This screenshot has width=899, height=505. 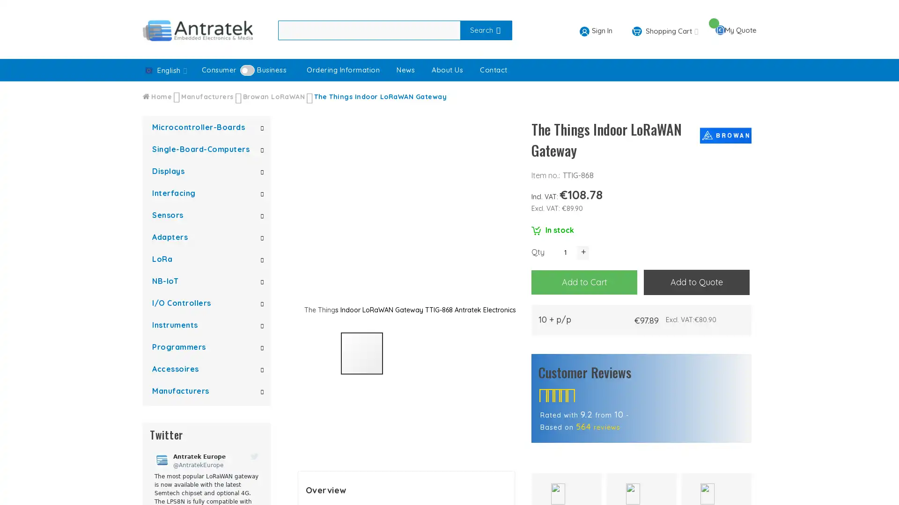 What do you see at coordinates (485, 29) in the screenshot?
I see `Search` at bounding box center [485, 29].